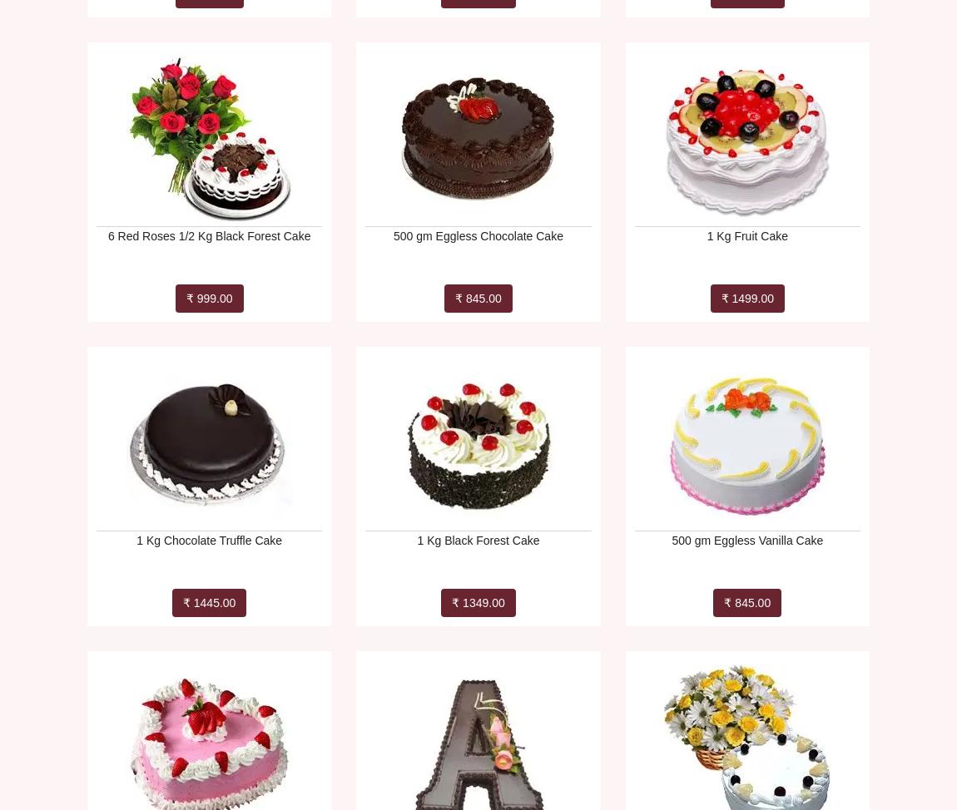 The height and width of the screenshot is (810, 957). Describe the element at coordinates (478, 235) in the screenshot. I see `'500 gm Eggless Chocolate Cake'` at that location.